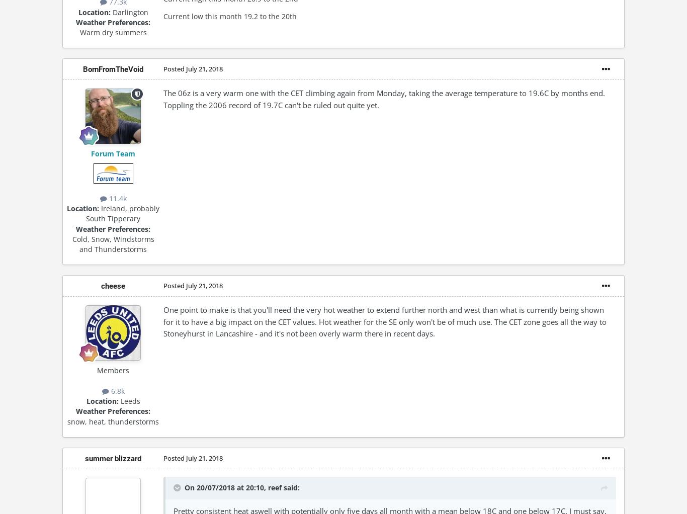  What do you see at coordinates (290, 486) in the screenshot?
I see `'said:'` at bounding box center [290, 486].